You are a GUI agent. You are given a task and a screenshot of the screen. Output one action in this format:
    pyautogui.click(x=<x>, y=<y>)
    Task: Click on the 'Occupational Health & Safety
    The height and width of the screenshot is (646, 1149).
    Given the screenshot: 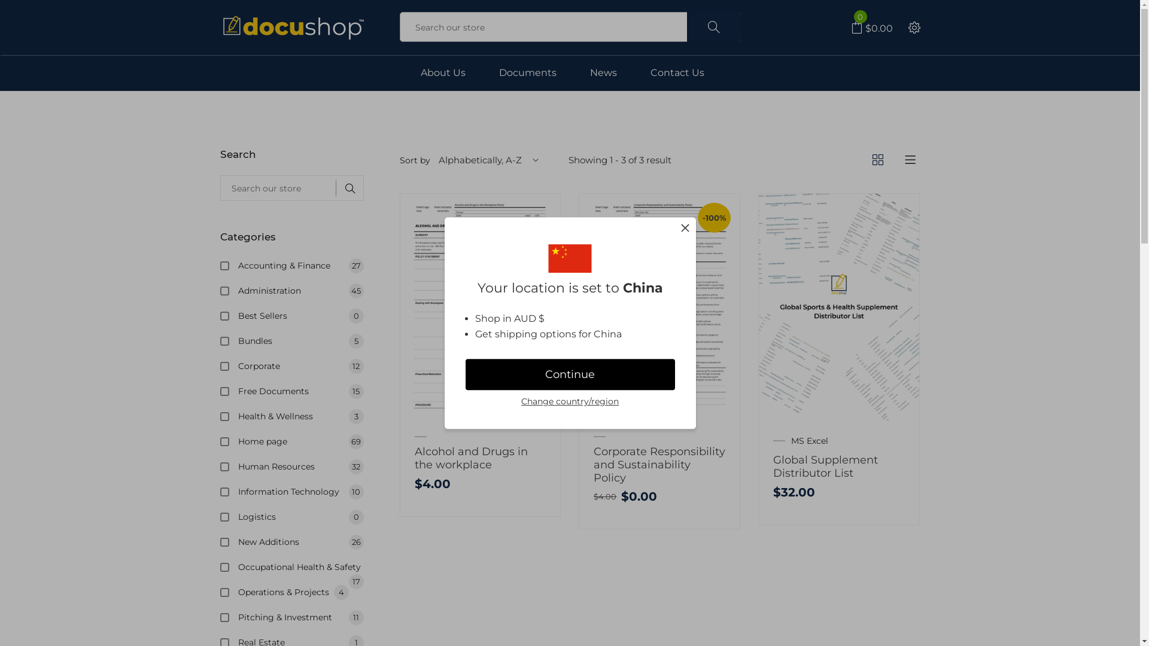 What is the action you would take?
    pyautogui.click(x=301, y=566)
    